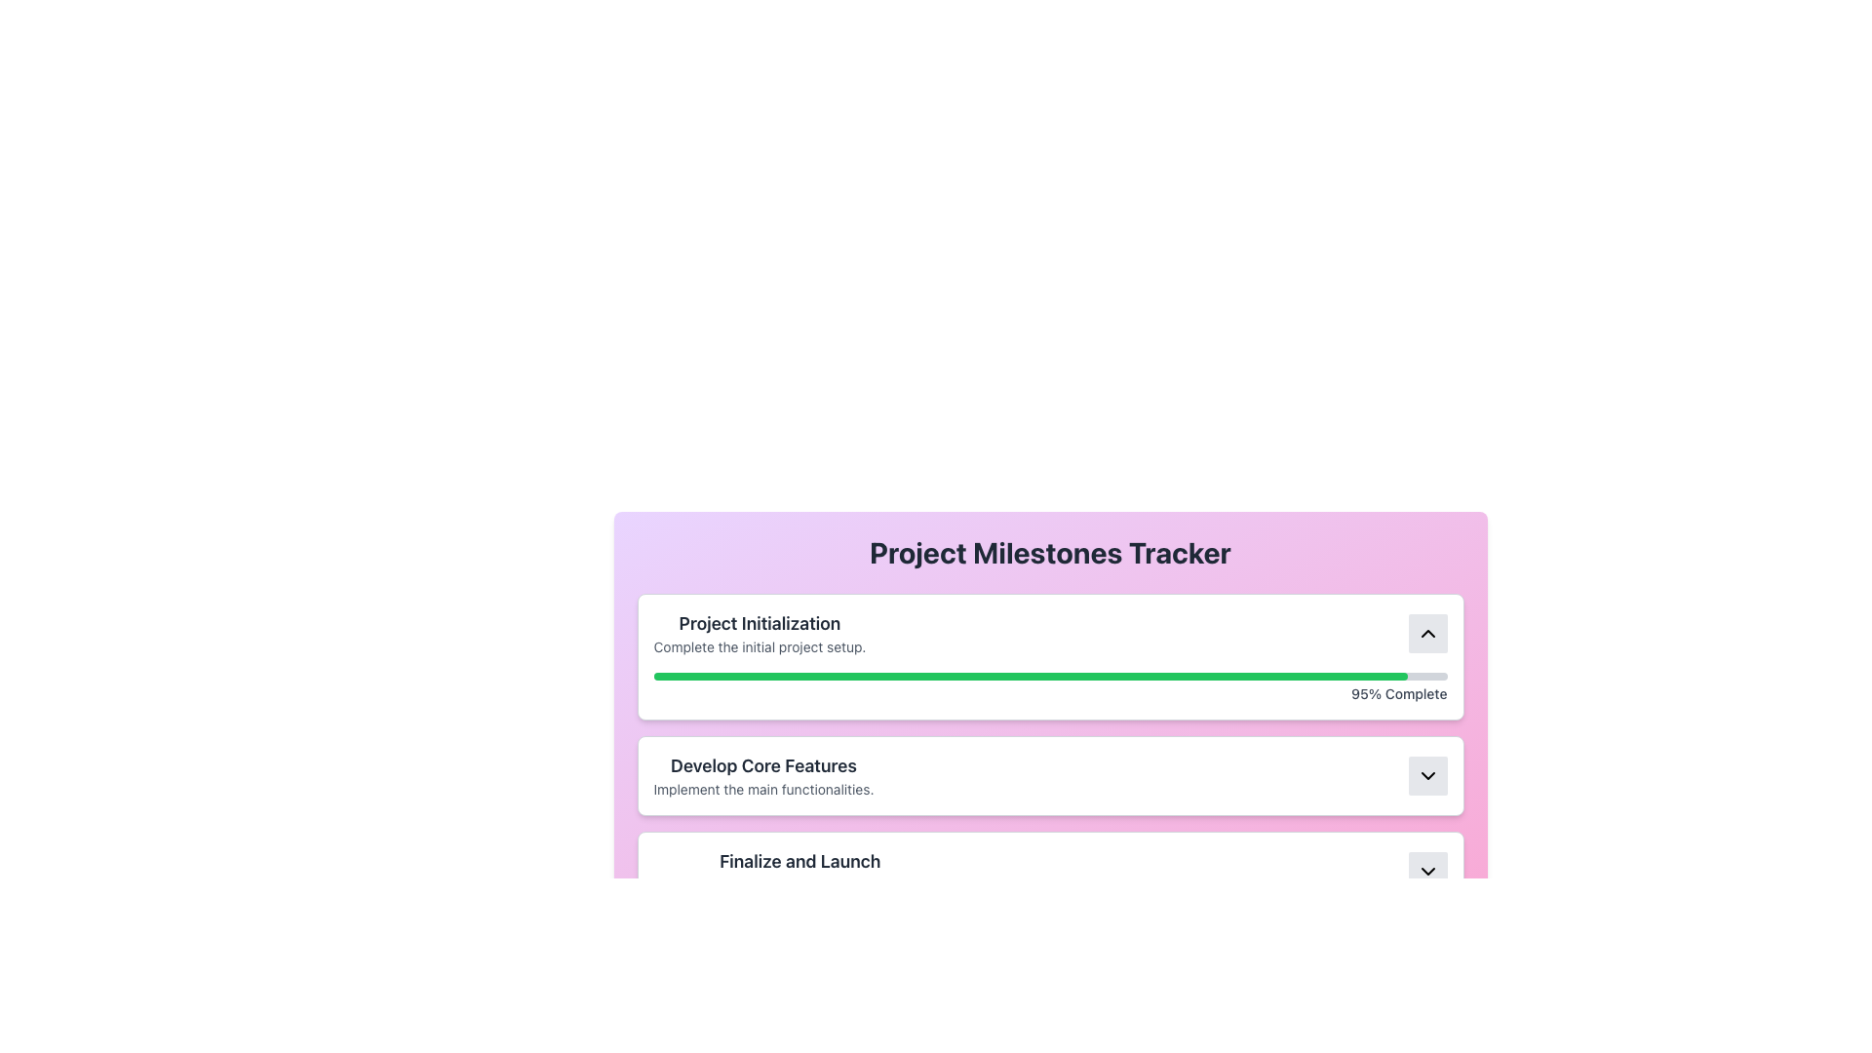  I want to click on the section title text label that summarizes the content or task, which is centrally located in the second card of a vertically-arranged list, so click(762, 765).